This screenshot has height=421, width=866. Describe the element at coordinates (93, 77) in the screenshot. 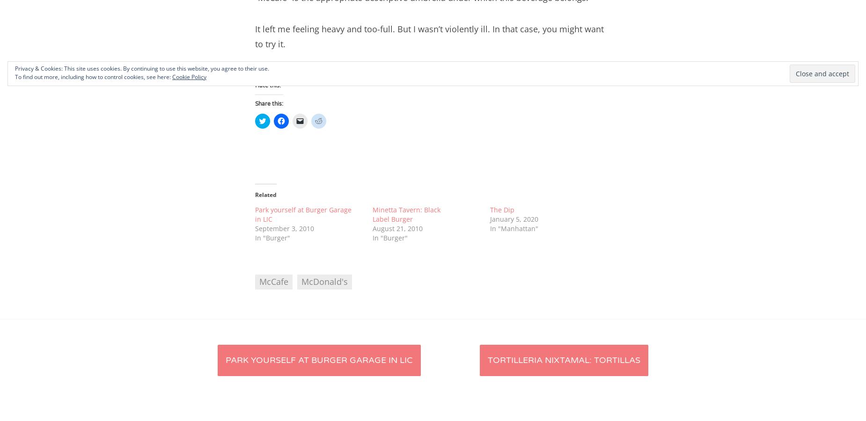

I see `'To find out more, including how to control cookies, see here:'` at that location.